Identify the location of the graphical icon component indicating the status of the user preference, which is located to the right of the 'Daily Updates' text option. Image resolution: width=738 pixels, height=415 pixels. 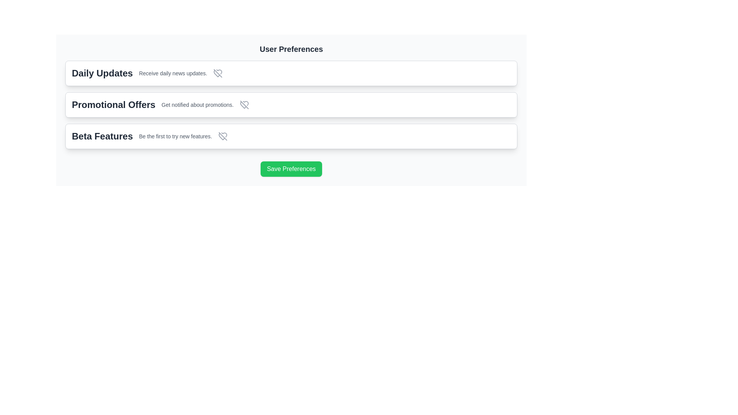
(218, 73).